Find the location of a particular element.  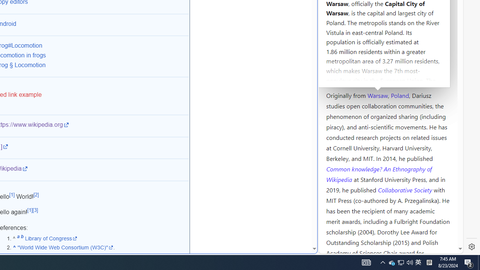

'Jump up' is located at coordinates (15, 247).